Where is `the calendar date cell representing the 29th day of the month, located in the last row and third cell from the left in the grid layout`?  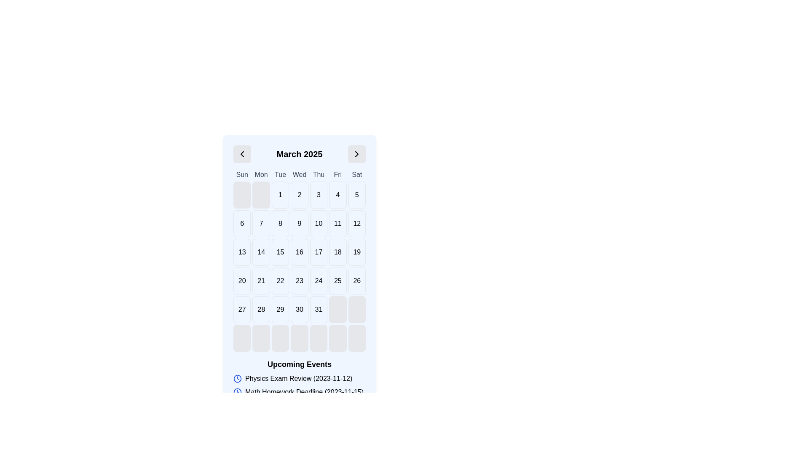 the calendar date cell representing the 29th day of the month, located in the last row and third cell from the left in the grid layout is located at coordinates (280, 310).